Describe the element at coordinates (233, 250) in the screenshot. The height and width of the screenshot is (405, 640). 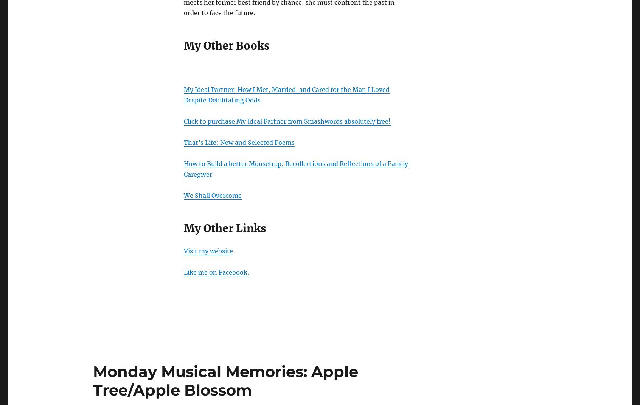
I see `'.'` at that location.